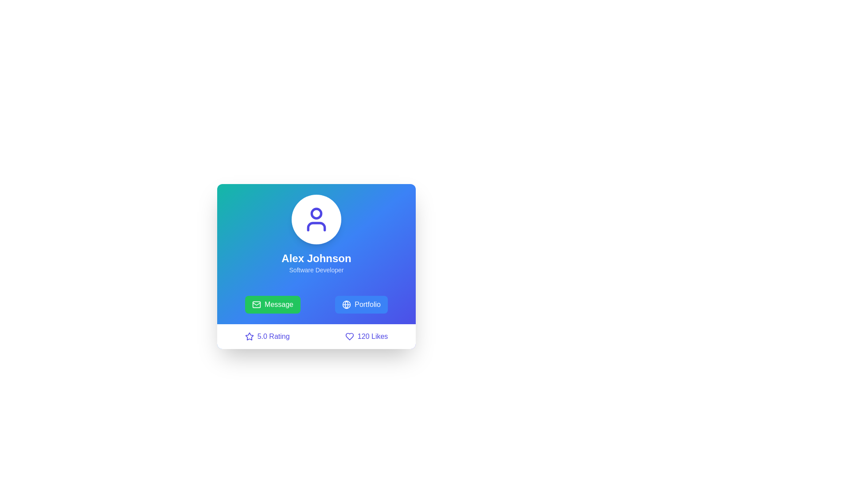 The height and width of the screenshot is (479, 851). What do you see at coordinates (373, 337) in the screenshot?
I see `the text label that displays the number of likes, located at the bottom right of the card, next to the heart-shaped icon` at bounding box center [373, 337].